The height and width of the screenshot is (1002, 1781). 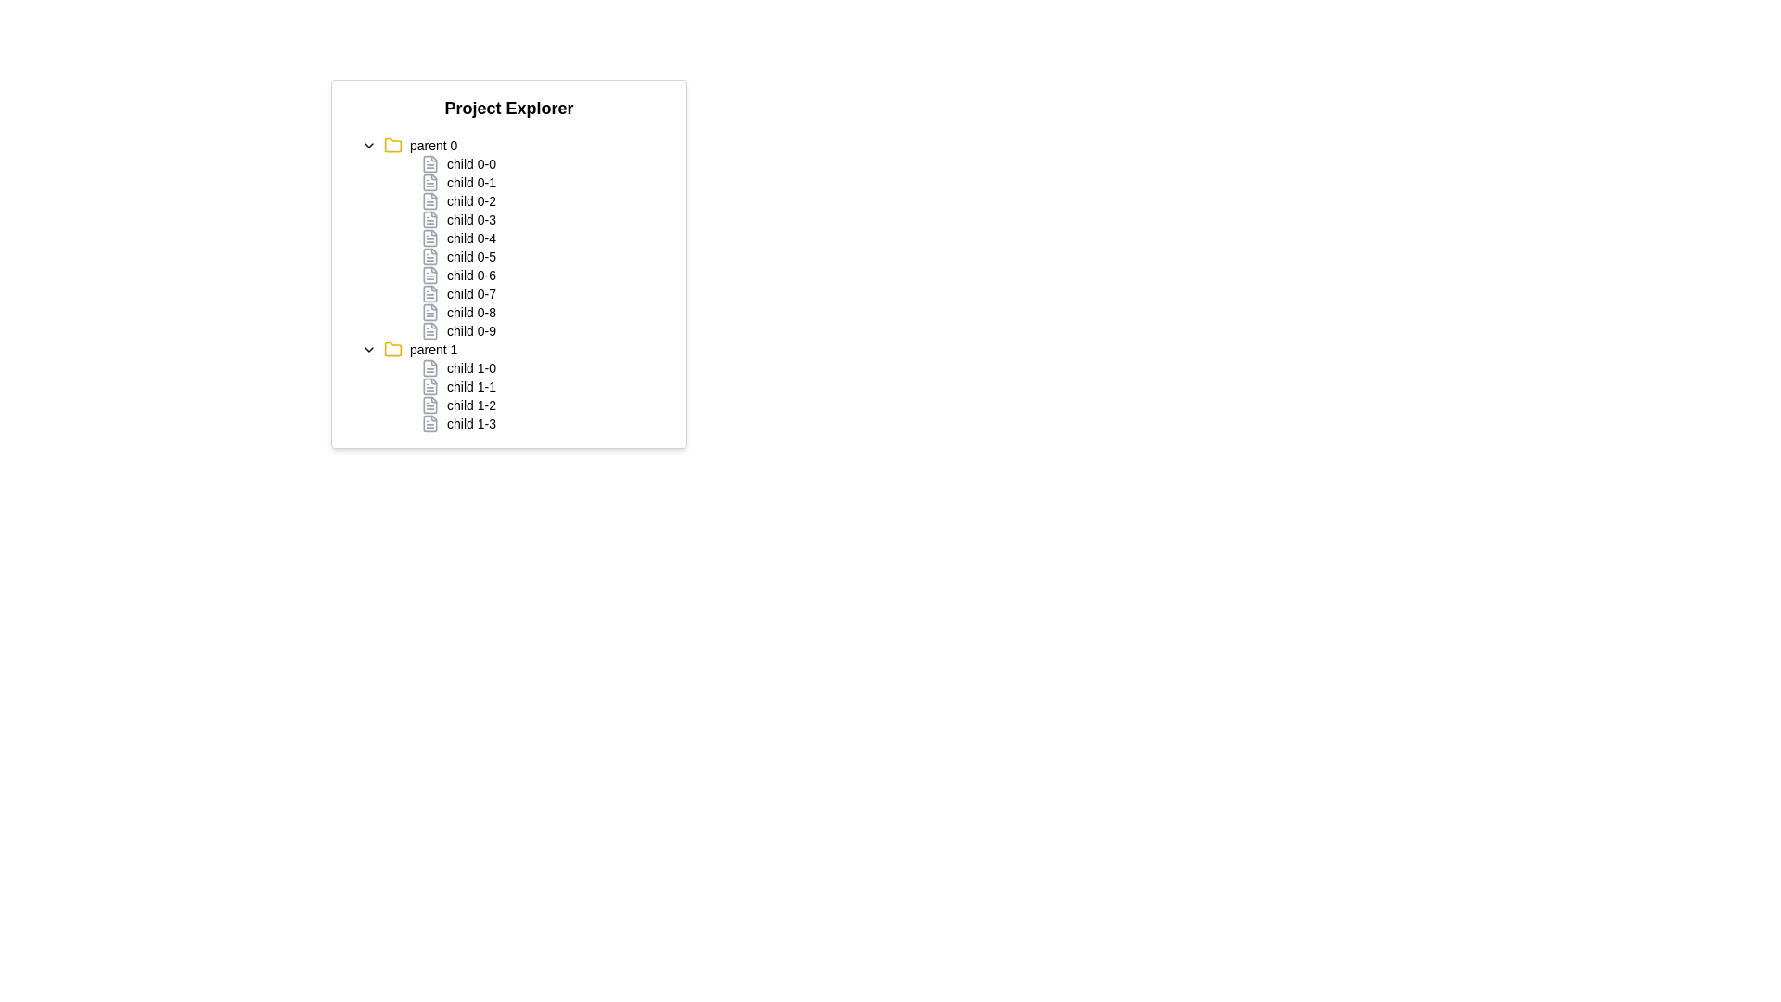 I want to click on the Text Label within the project explorer, so click(x=432, y=350).